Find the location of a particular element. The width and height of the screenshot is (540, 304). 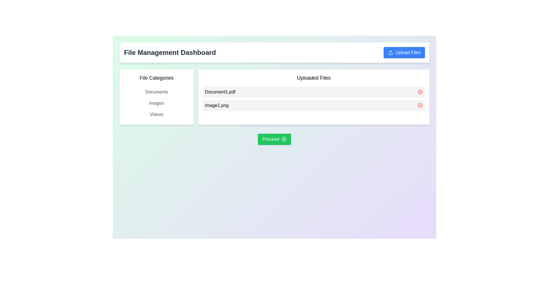

the centered text label 'Images' in the 'File Categories' section is located at coordinates (156, 103).